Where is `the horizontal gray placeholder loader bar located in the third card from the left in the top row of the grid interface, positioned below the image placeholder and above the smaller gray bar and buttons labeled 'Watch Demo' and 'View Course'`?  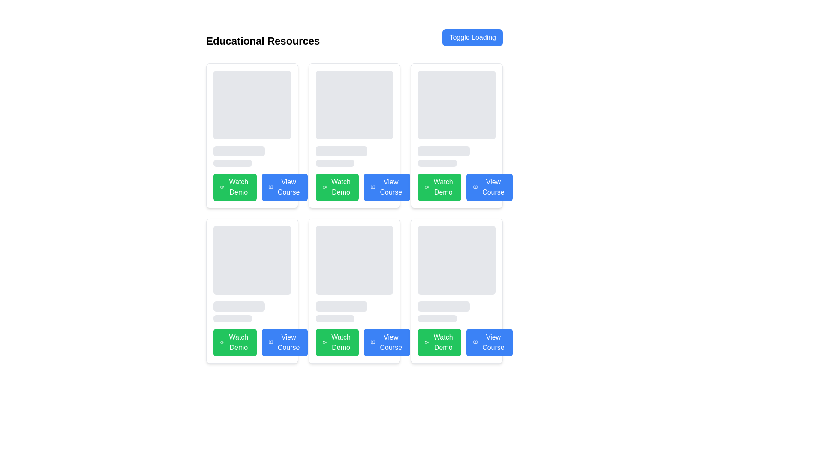 the horizontal gray placeholder loader bar located in the third card from the left in the top row of the grid interface, positioned below the image placeholder and above the smaller gray bar and buttons labeled 'Watch Demo' and 'View Course' is located at coordinates (444, 151).